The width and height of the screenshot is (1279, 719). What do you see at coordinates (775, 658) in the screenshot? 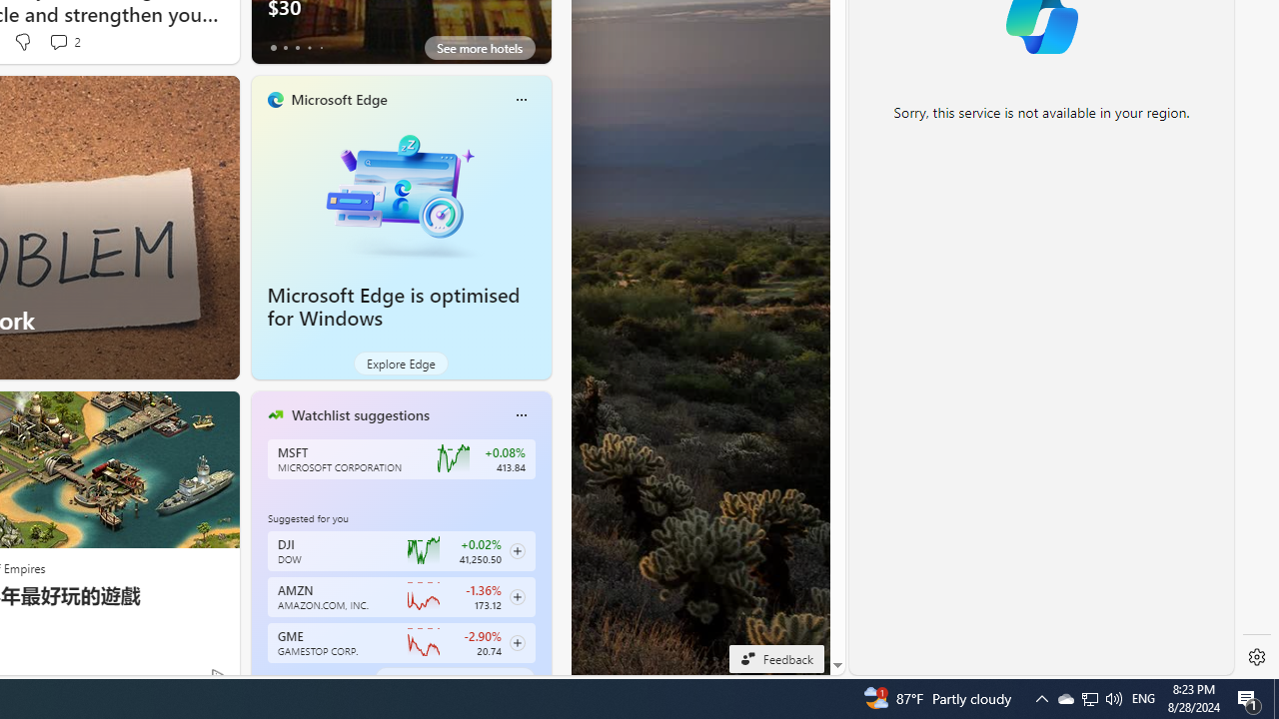
I see `'Feedback'` at bounding box center [775, 658].